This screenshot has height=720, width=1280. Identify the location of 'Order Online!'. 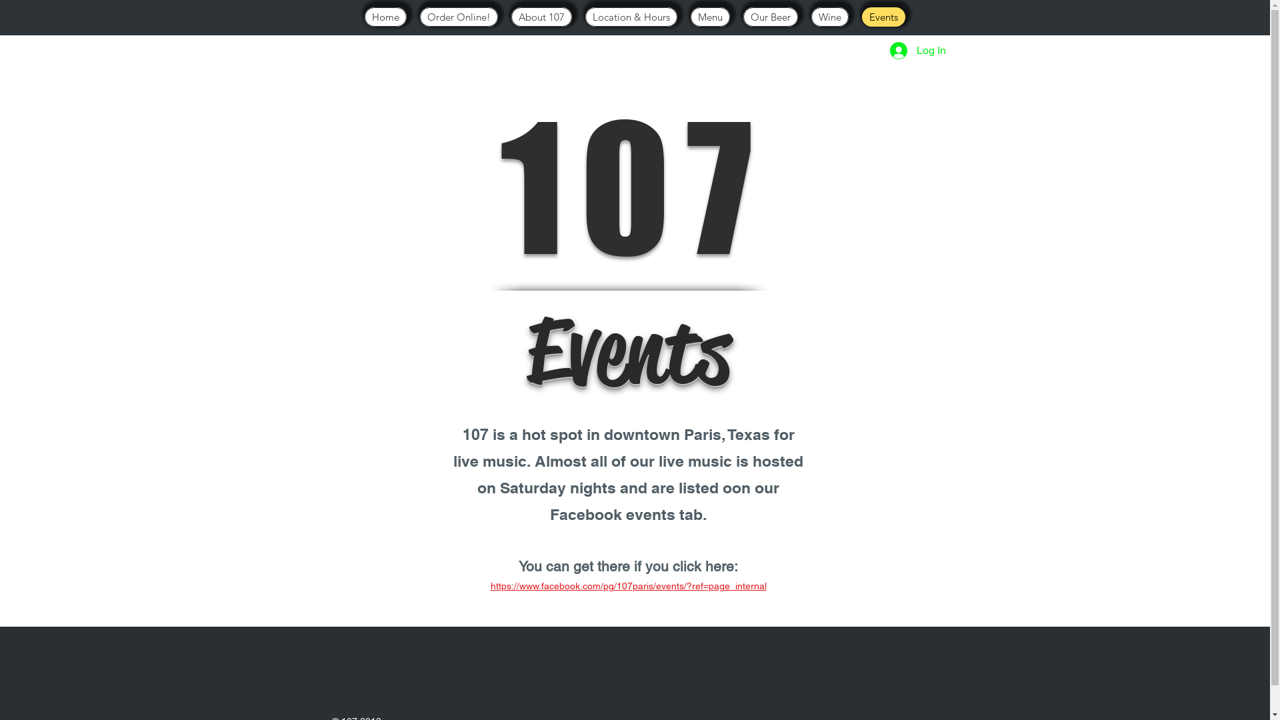
(459, 17).